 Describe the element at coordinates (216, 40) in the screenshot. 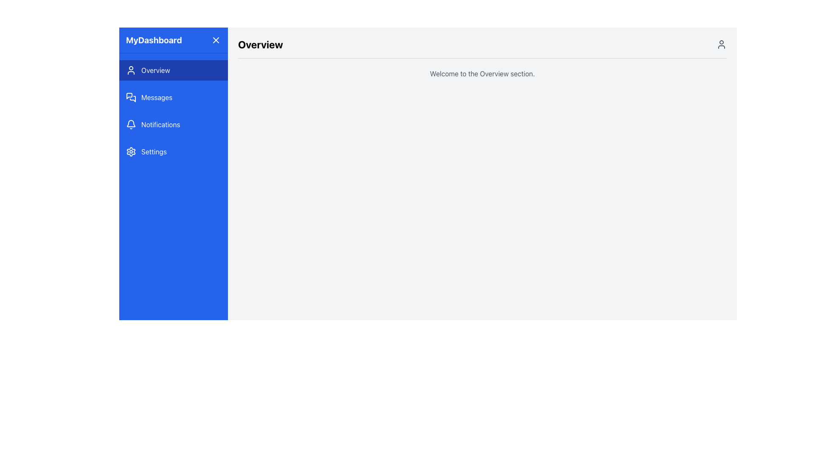

I see `the close button located at the top-right corner of the sidebar header labeled 'MyDashboard'` at that location.